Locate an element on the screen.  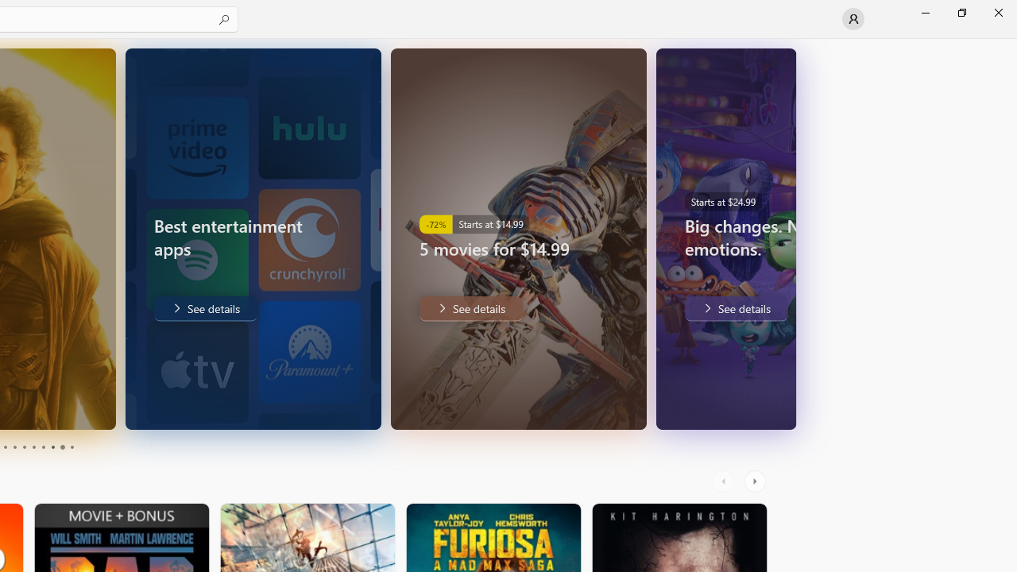
'Page 8' is located at coordinates (52, 447).